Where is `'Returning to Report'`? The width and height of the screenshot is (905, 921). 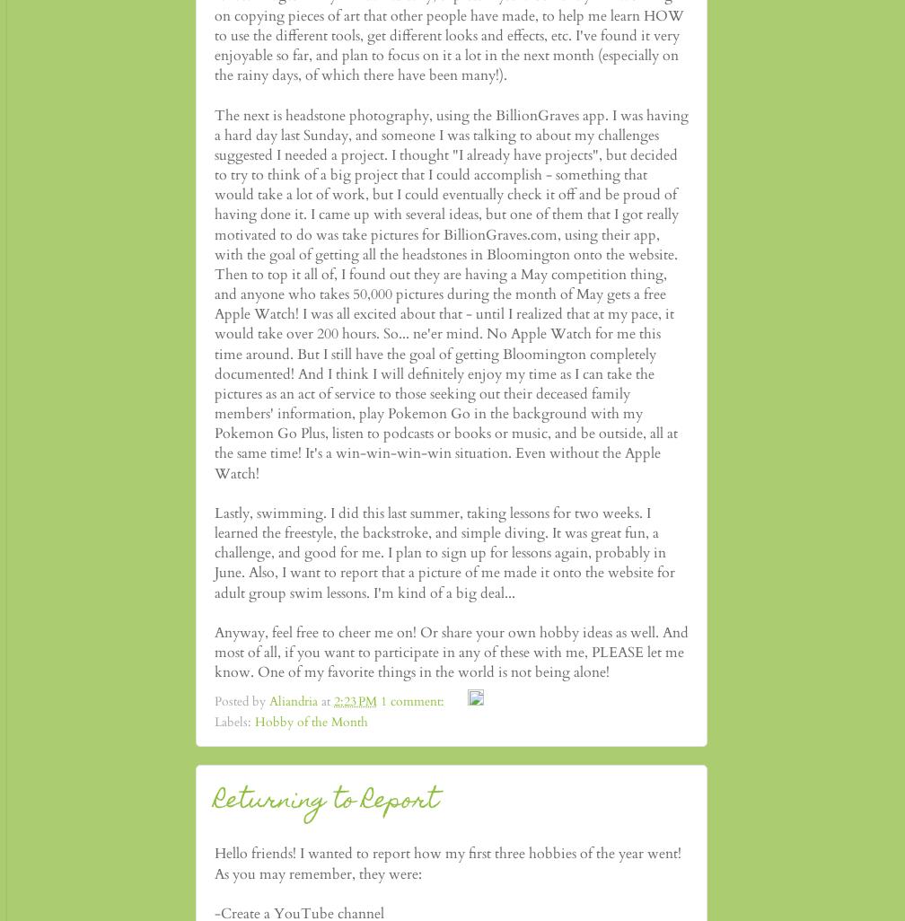
'Returning to Report' is located at coordinates (326, 800).